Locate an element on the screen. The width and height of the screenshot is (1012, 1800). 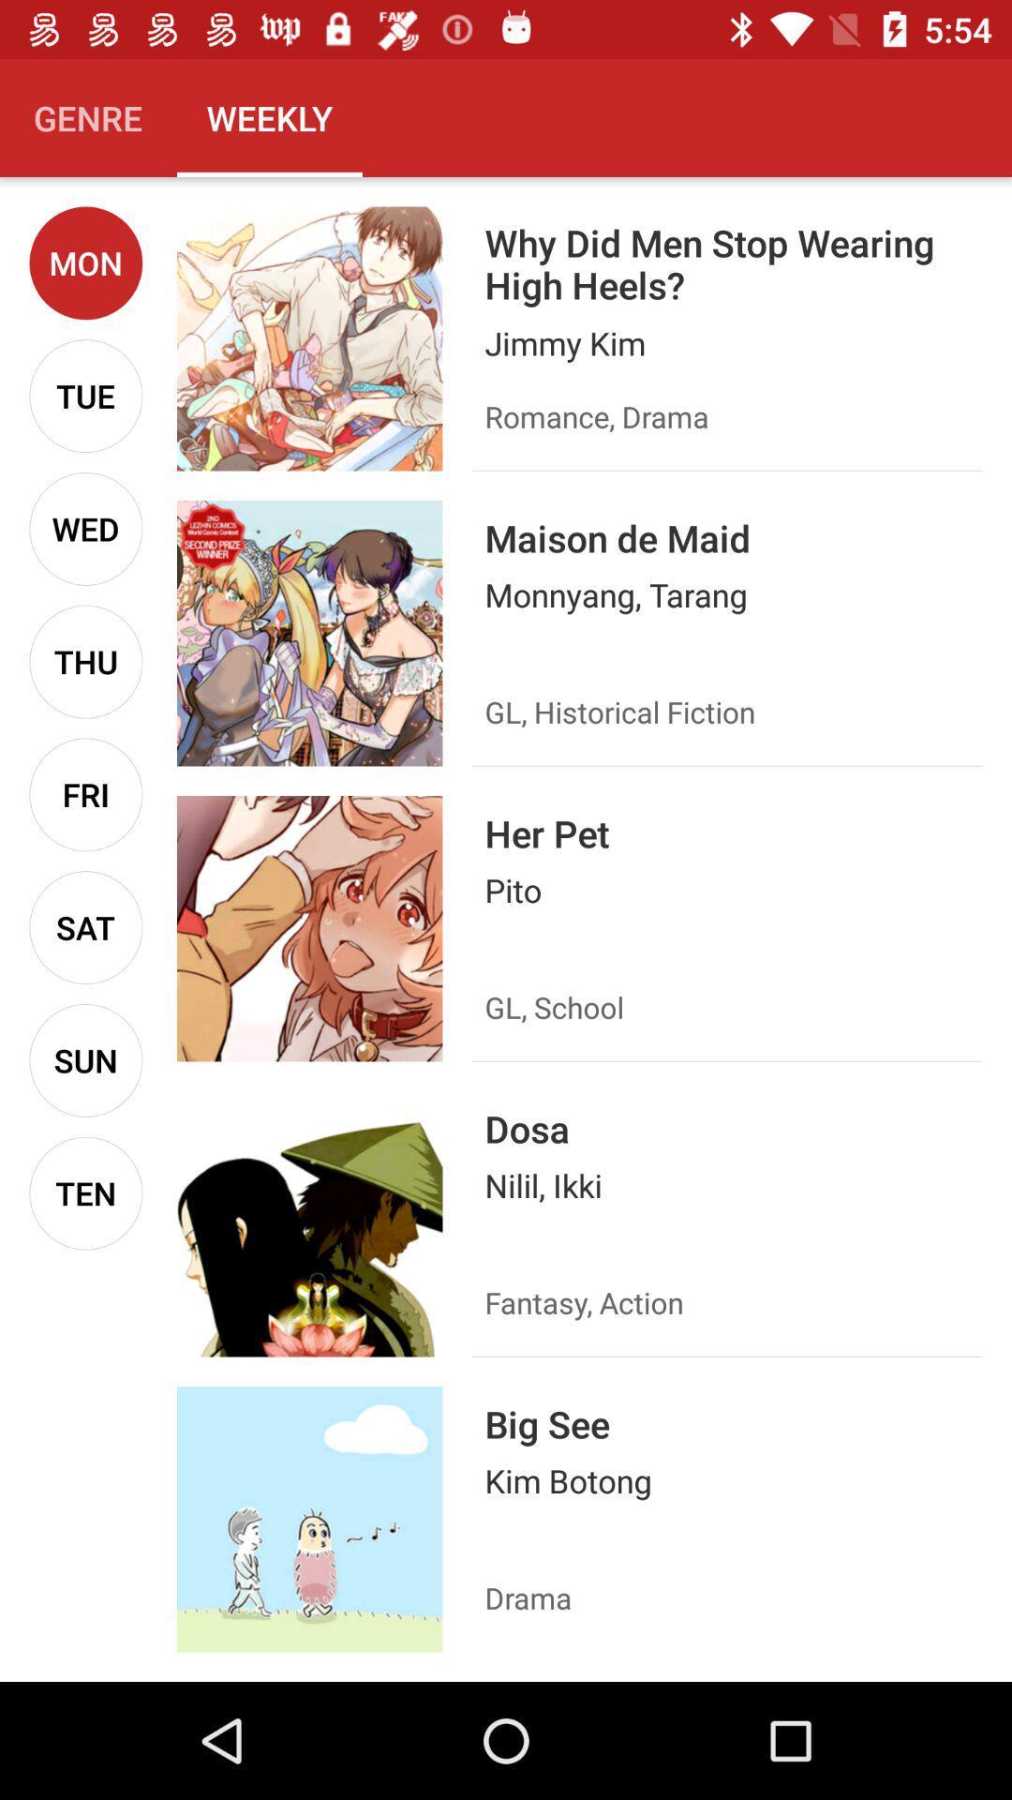
the item below wed is located at coordinates (85, 662).